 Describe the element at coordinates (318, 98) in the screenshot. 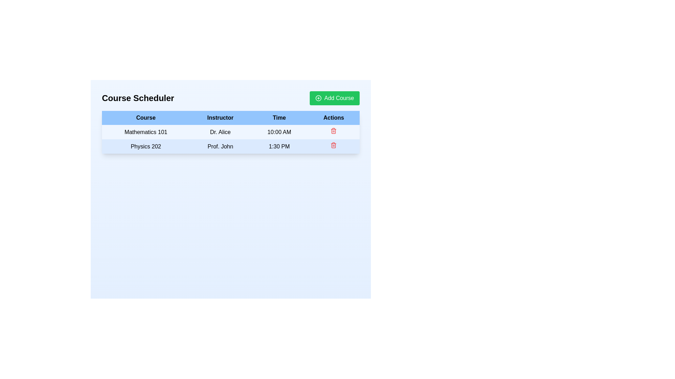

I see `the circular outline icon associated with the Add Course button, located to the left of it` at that location.